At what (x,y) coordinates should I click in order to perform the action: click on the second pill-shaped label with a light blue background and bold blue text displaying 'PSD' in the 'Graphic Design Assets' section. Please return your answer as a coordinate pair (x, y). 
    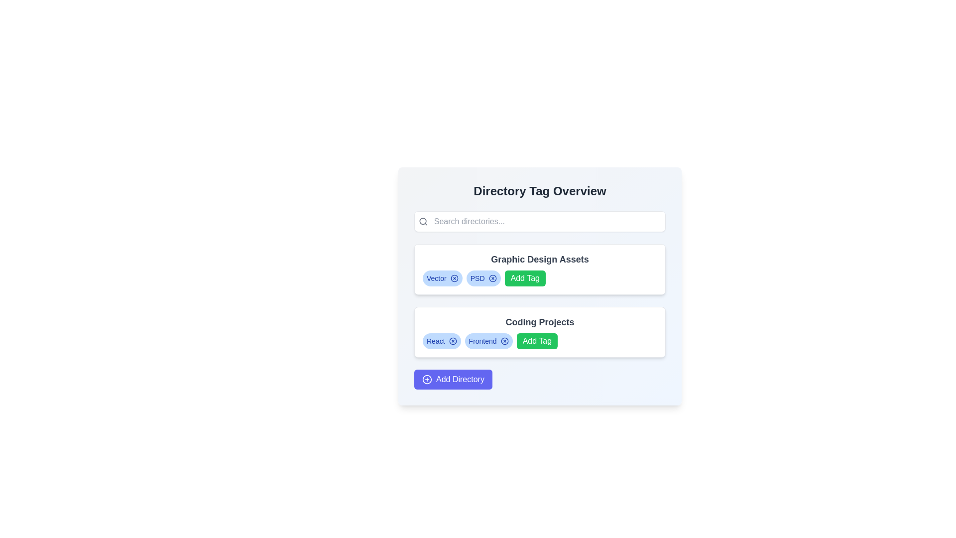
    Looking at the image, I should click on (483, 278).